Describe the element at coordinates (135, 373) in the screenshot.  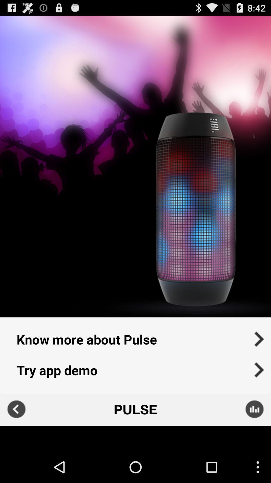
I see `try app demo` at that location.